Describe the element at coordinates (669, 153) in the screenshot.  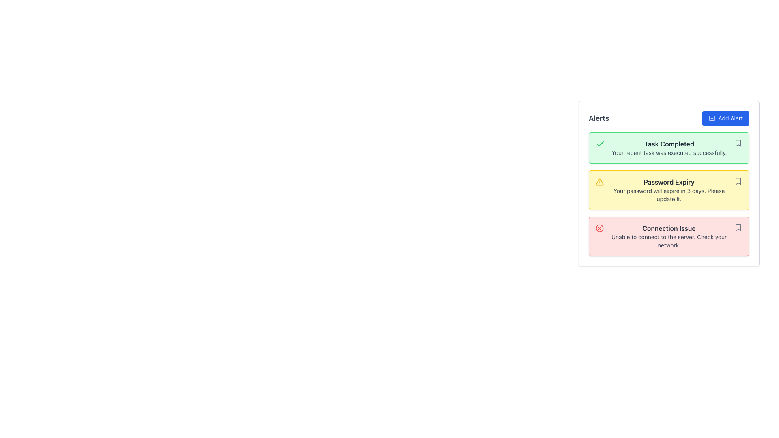
I see `the text element displaying 'Your recent task was executed successfully.' which is positioned below the heading 'Alerts' and is styled with a light green background` at that location.